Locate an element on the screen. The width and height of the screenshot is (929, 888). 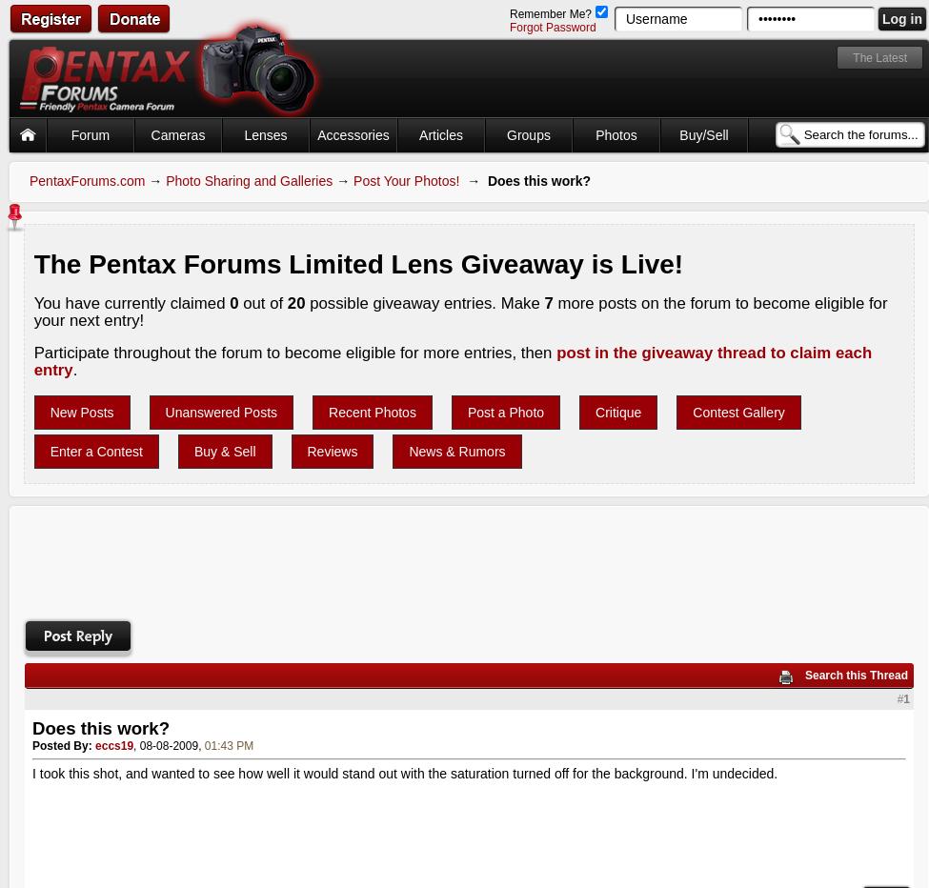
'Photo Sharing and Galleries' is located at coordinates (249, 181).